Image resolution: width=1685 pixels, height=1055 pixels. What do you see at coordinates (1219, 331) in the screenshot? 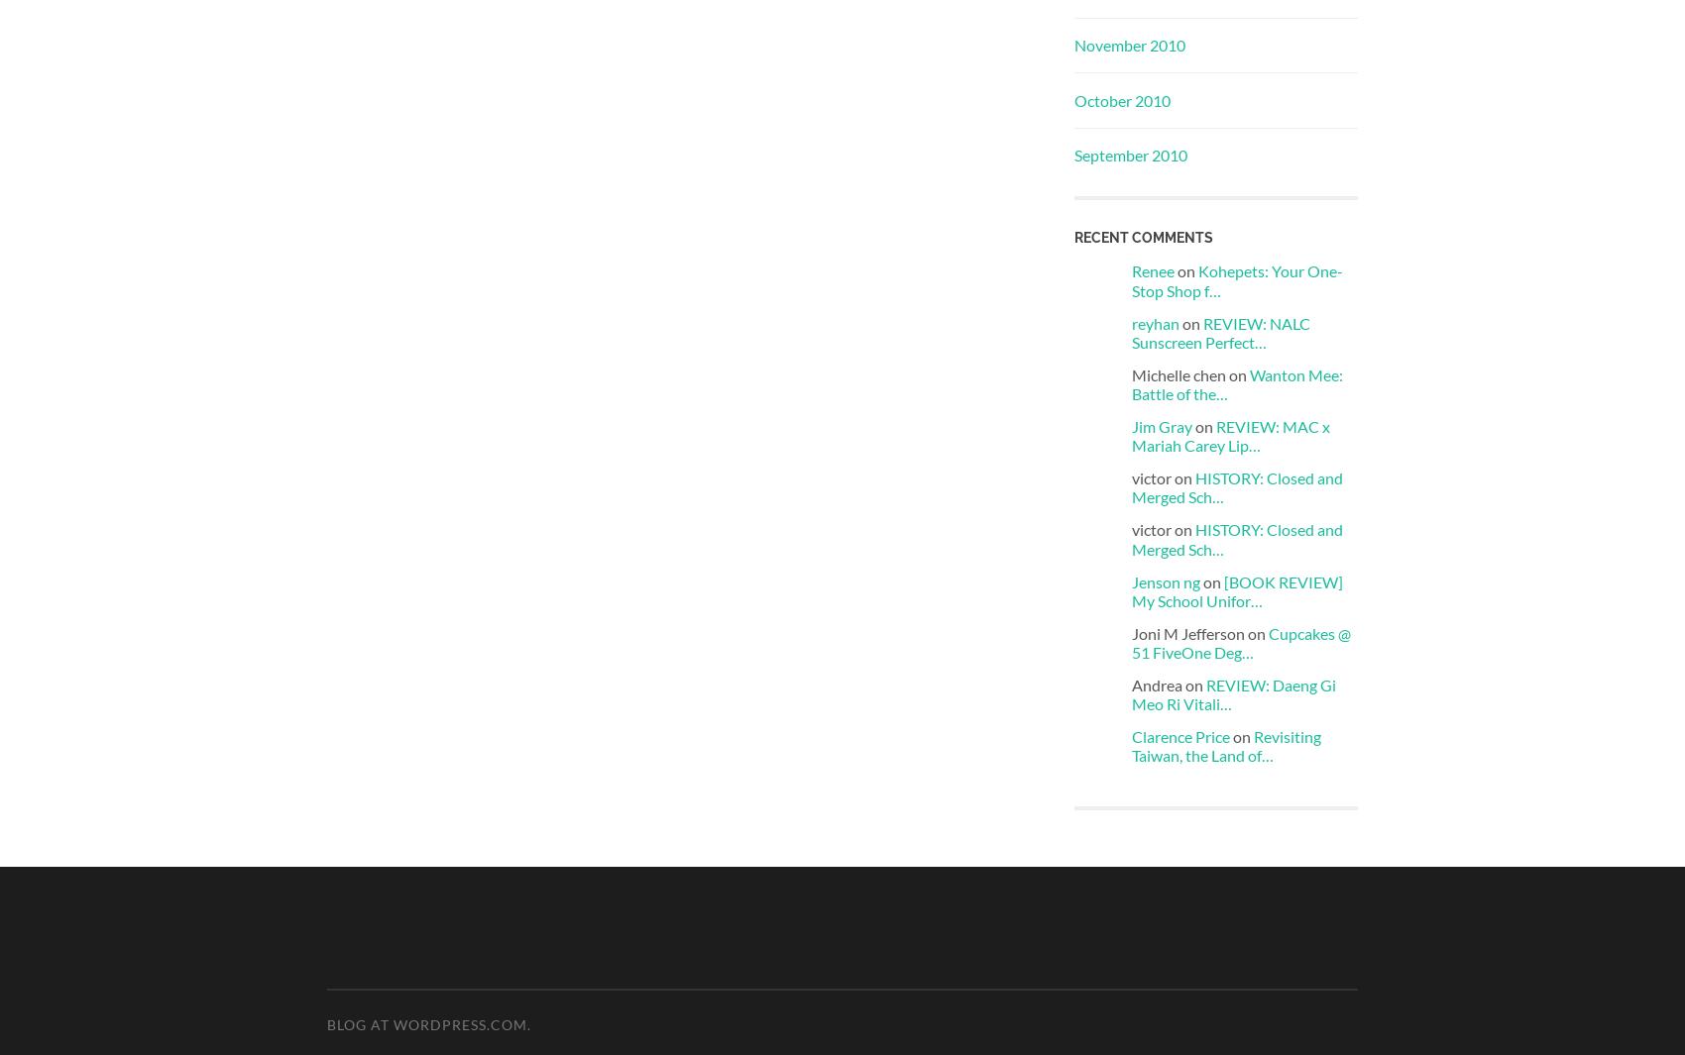
I see `'REVIEW: NALC Sunscreen Perfect…'` at bounding box center [1219, 331].